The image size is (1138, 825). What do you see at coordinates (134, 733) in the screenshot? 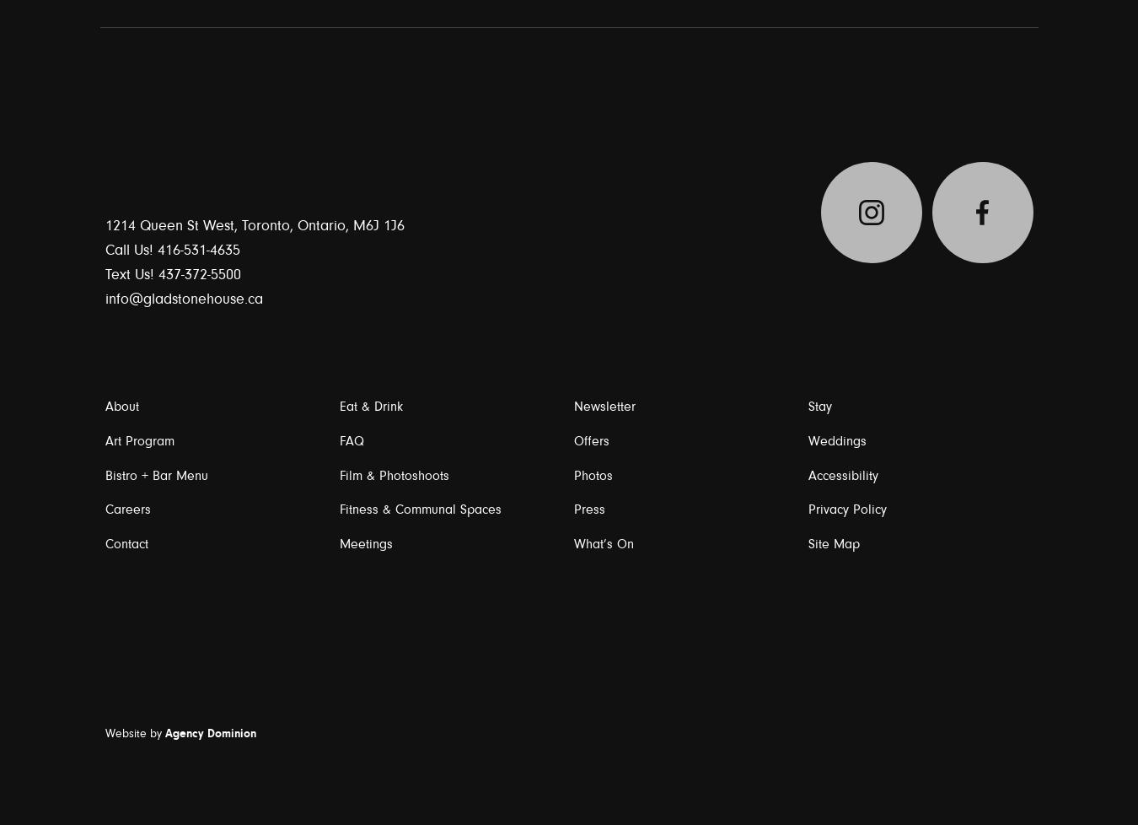
I see `'Website by'` at bounding box center [134, 733].